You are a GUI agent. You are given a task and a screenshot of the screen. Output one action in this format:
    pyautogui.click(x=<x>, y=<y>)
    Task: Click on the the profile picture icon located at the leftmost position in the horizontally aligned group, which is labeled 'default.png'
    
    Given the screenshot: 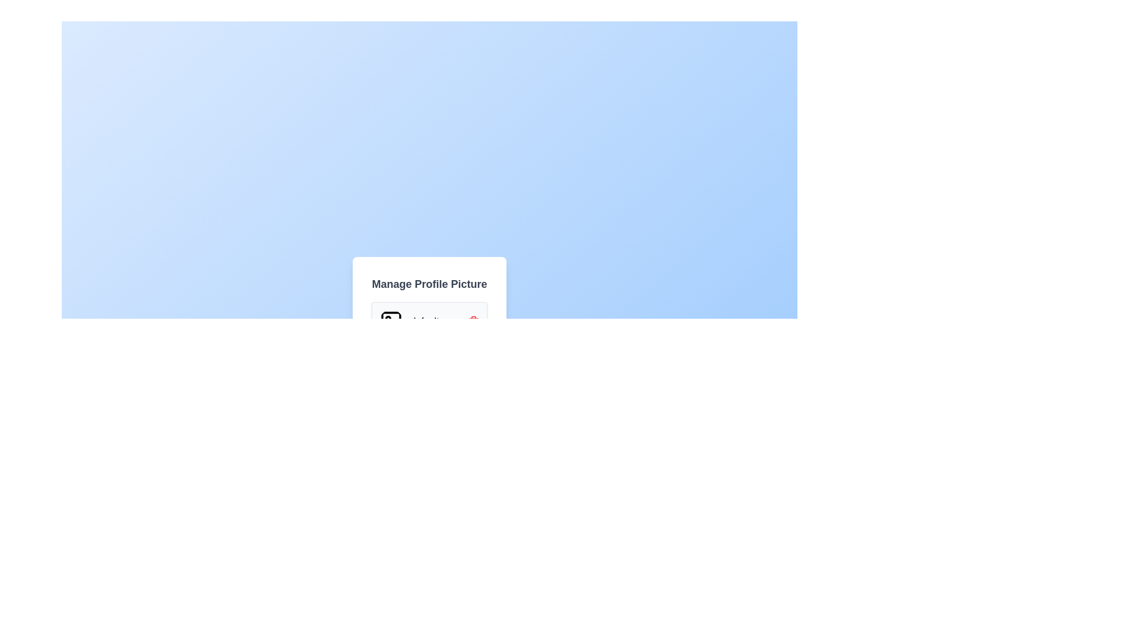 What is the action you would take?
    pyautogui.click(x=391, y=322)
    